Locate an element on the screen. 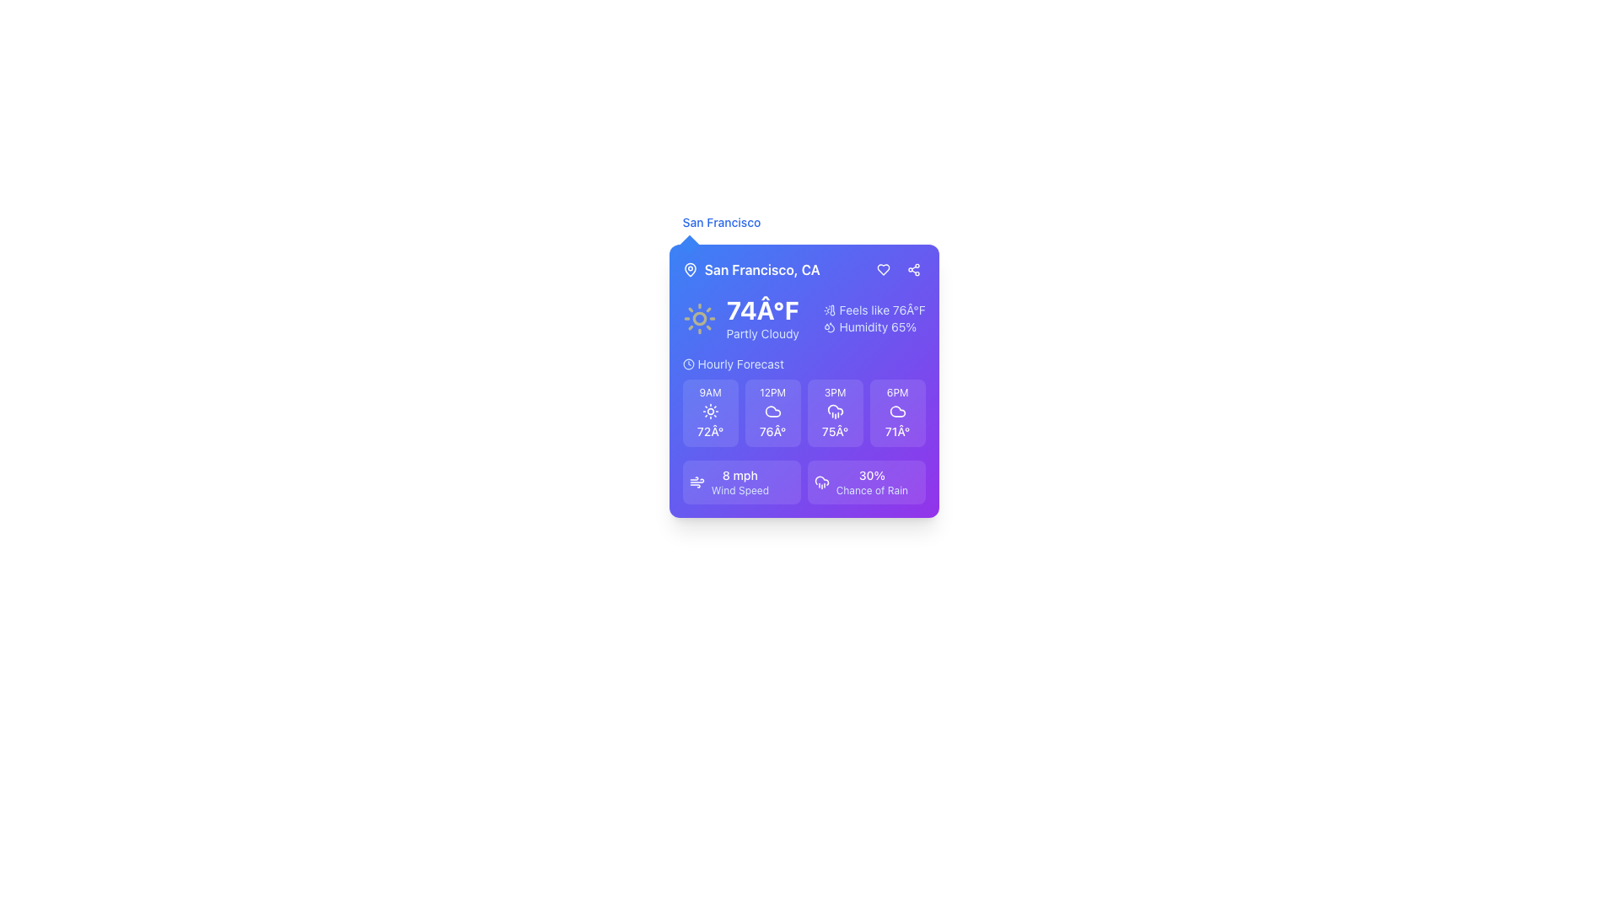  the cloud icon with raindrops, which is located in the bottom-right card of the weather information section, directly to the left of the text '30% Chance of Rain'. This icon is styled in minimalistic line art design and is the only weather icon in this card is located at coordinates (821, 482).